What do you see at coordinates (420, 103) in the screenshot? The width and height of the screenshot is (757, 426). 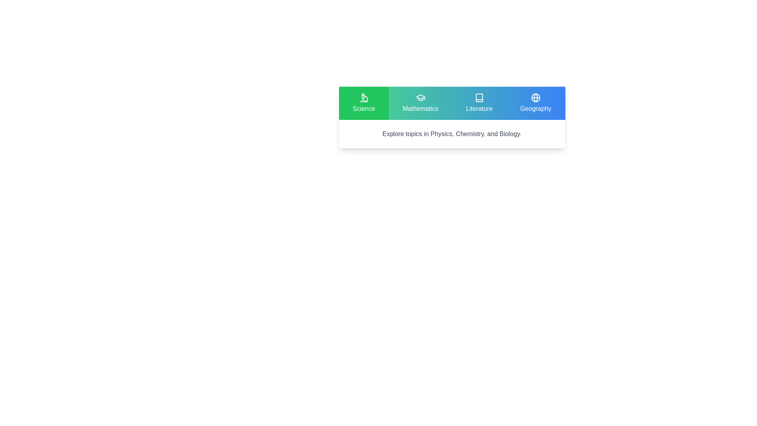 I see `the 'Mathematics' tab button, which is a rectangular tab with a gradient from green to blue and contains a white graduation cap icon above the text 'Mathematics'` at bounding box center [420, 103].